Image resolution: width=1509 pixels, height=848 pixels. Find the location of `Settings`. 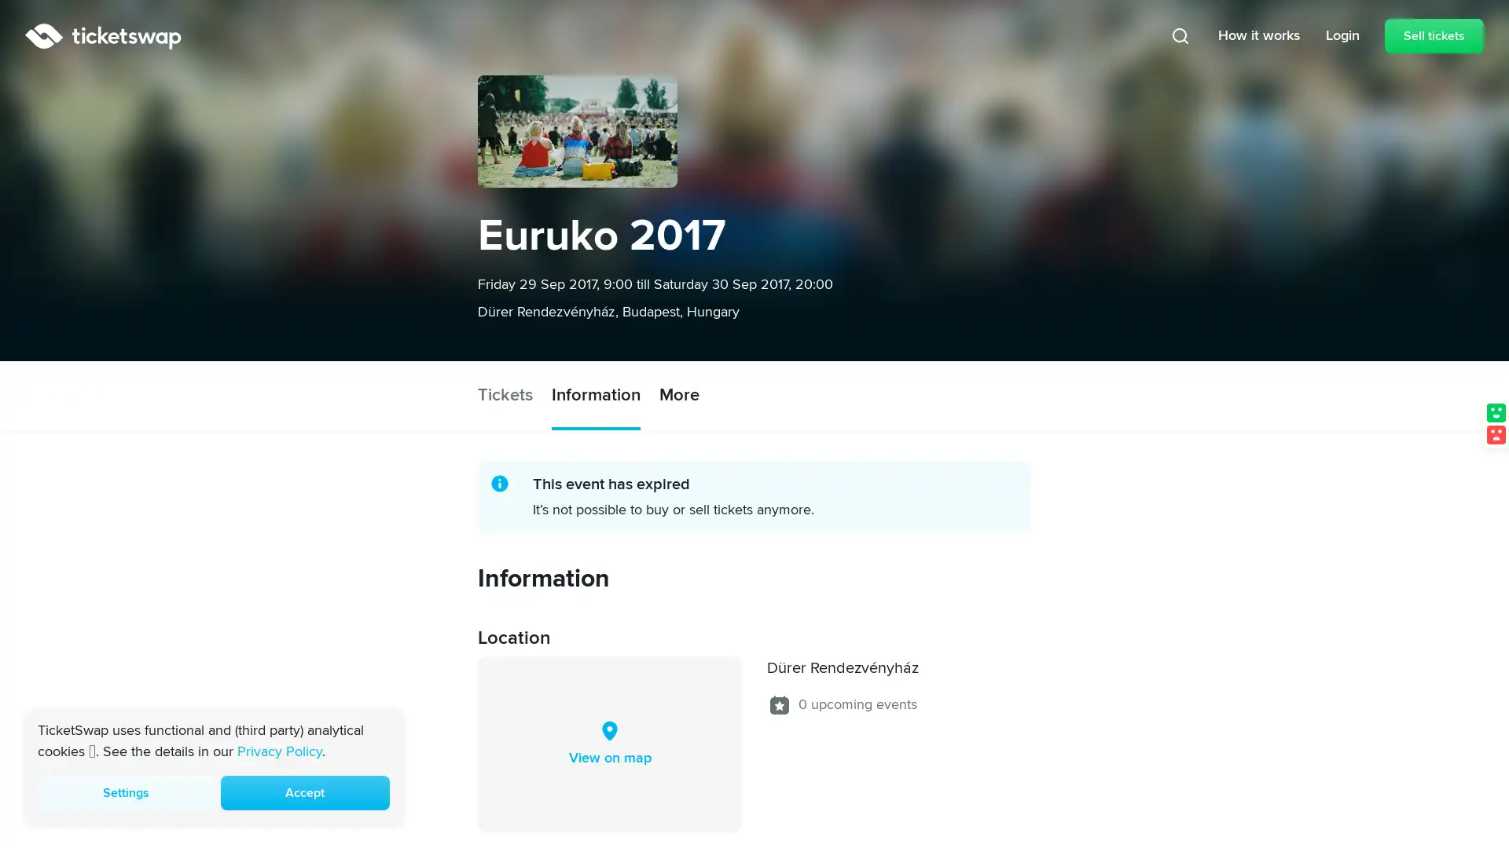

Settings is located at coordinates (124, 793).